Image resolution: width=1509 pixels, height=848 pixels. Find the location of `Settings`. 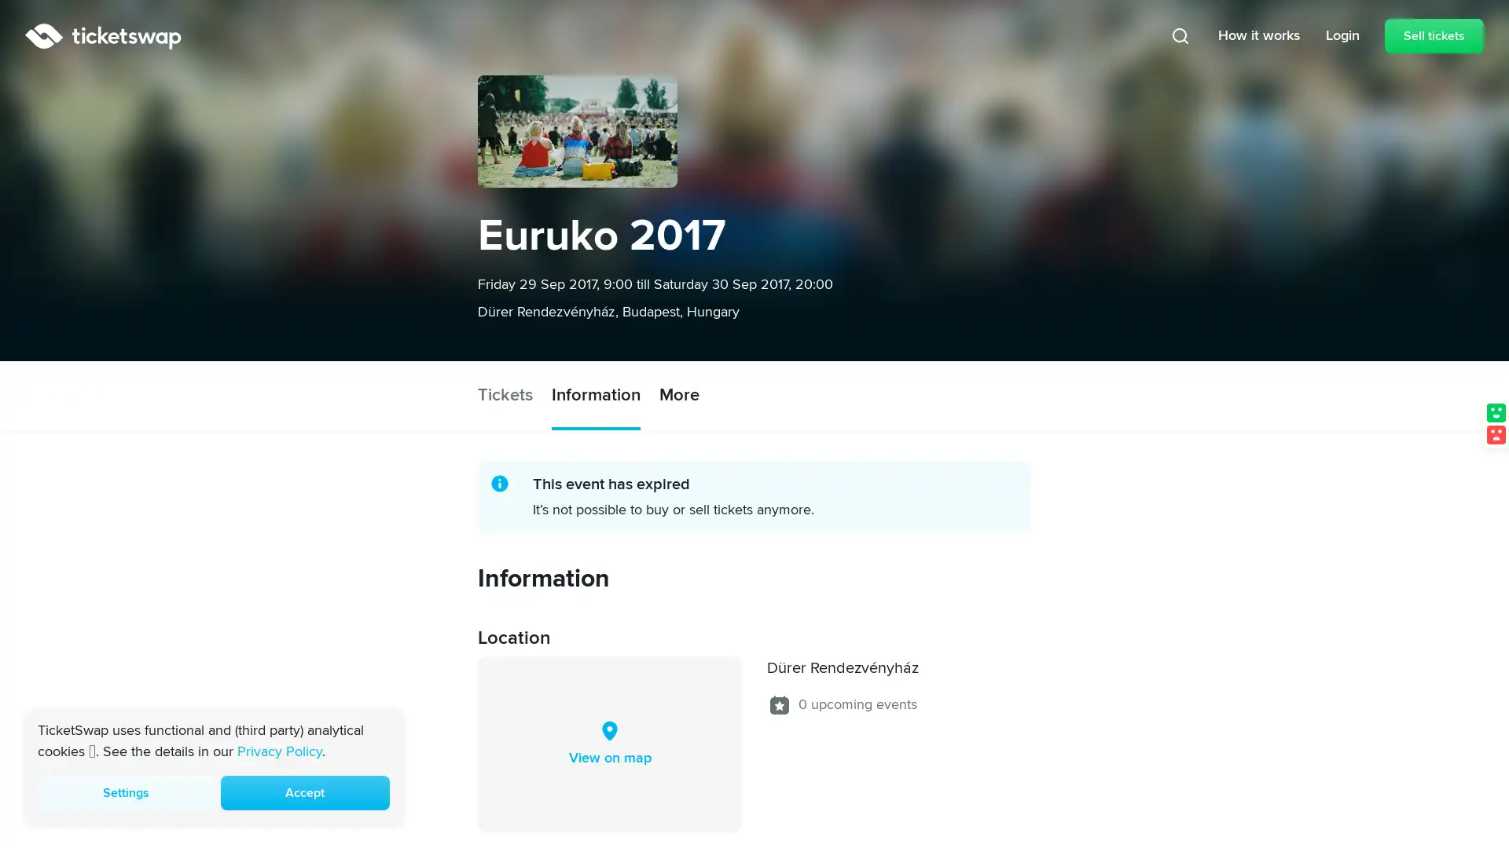

Settings is located at coordinates (124, 793).